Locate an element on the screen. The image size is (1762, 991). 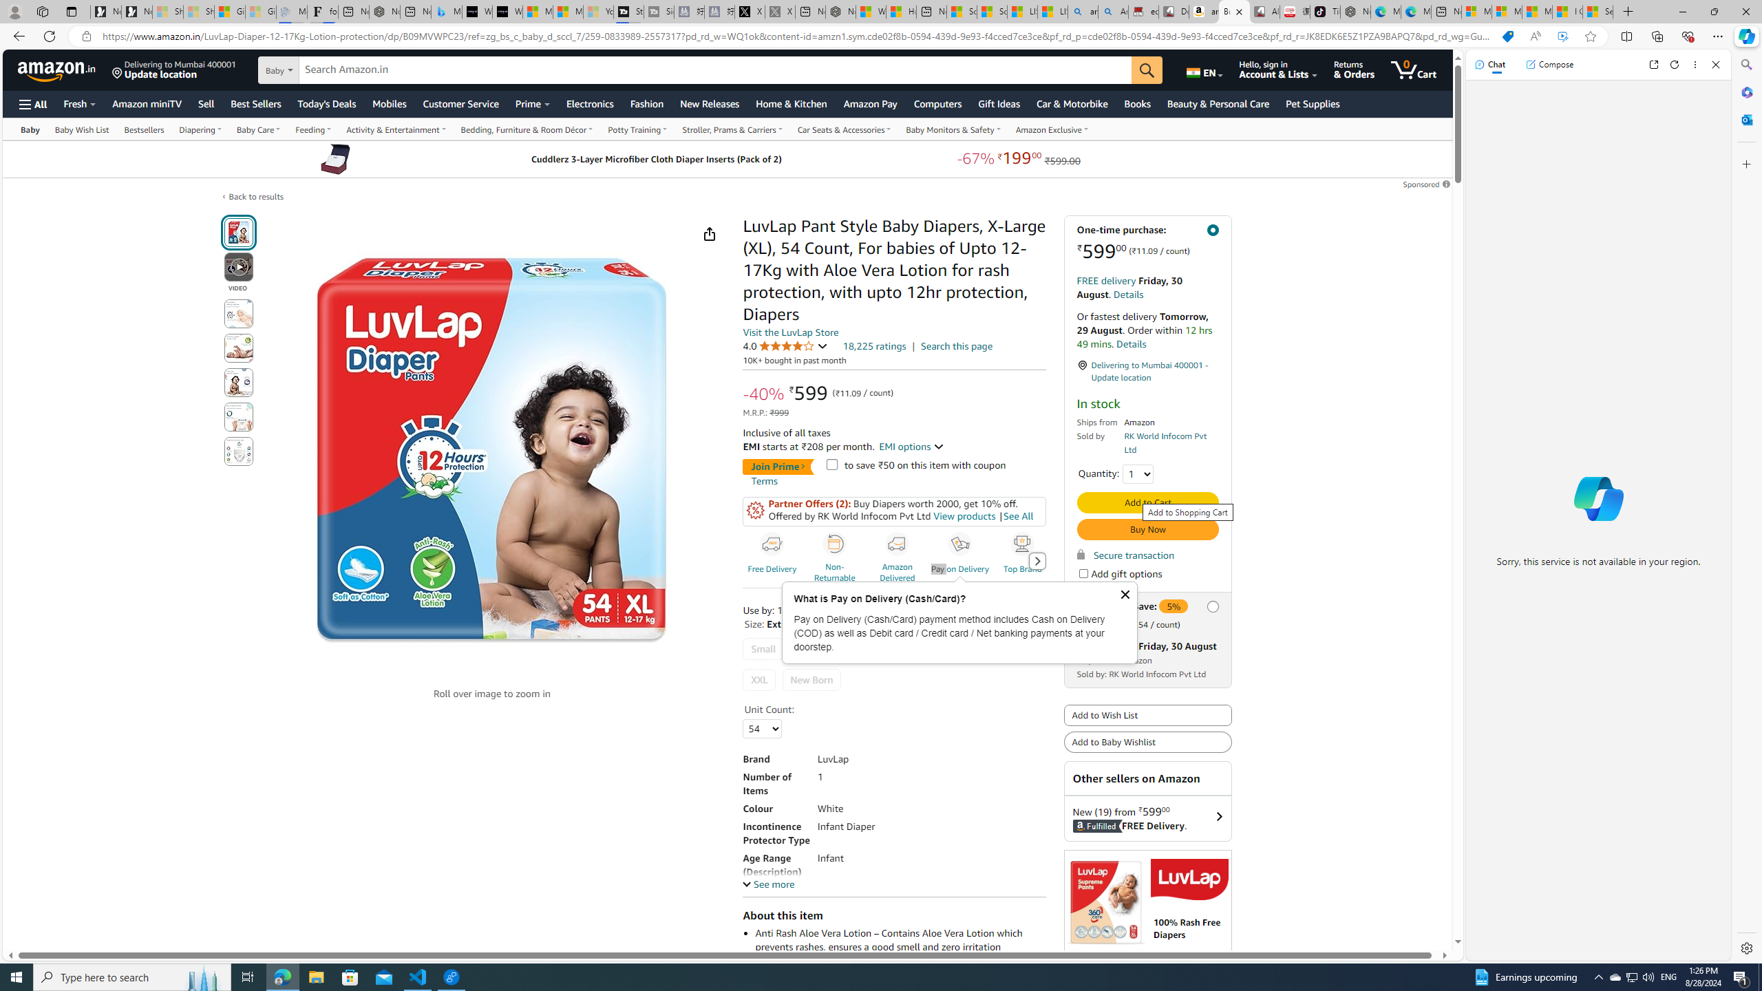
'Chat' is located at coordinates (1489, 63).